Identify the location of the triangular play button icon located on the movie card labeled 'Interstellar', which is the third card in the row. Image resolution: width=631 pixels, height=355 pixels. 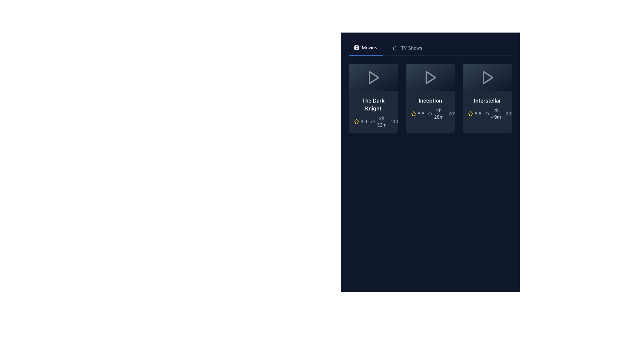
(488, 77).